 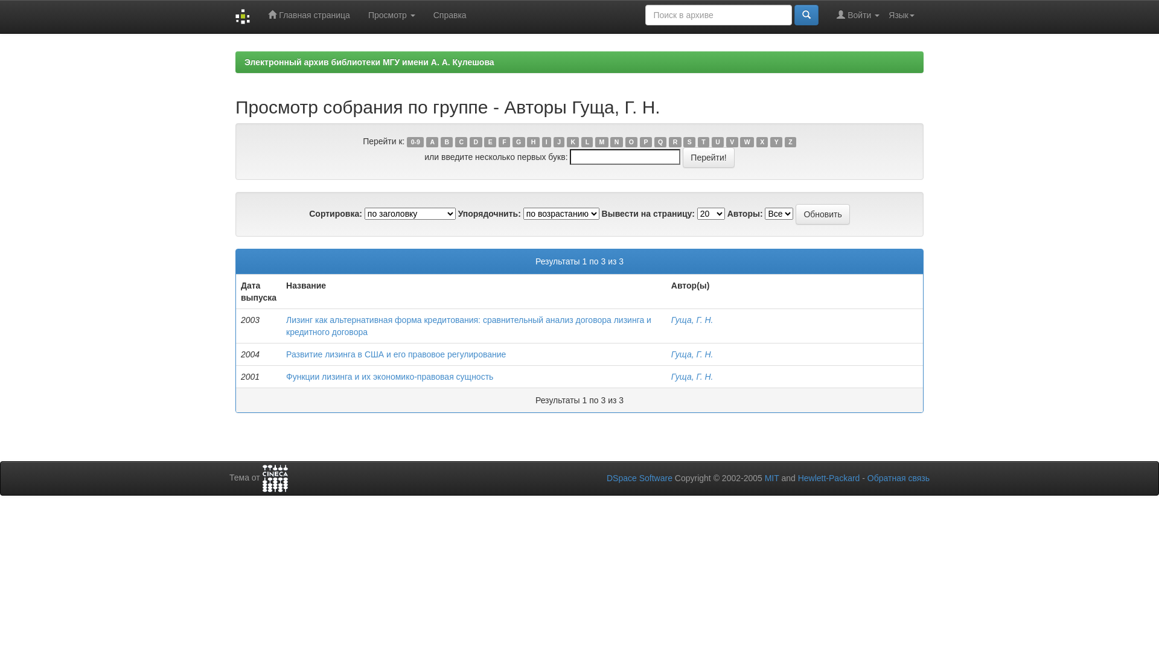 What do you see at coordinates (645, 141) in the screenshot?
I see `'P'` at bounding box center [645, 141].